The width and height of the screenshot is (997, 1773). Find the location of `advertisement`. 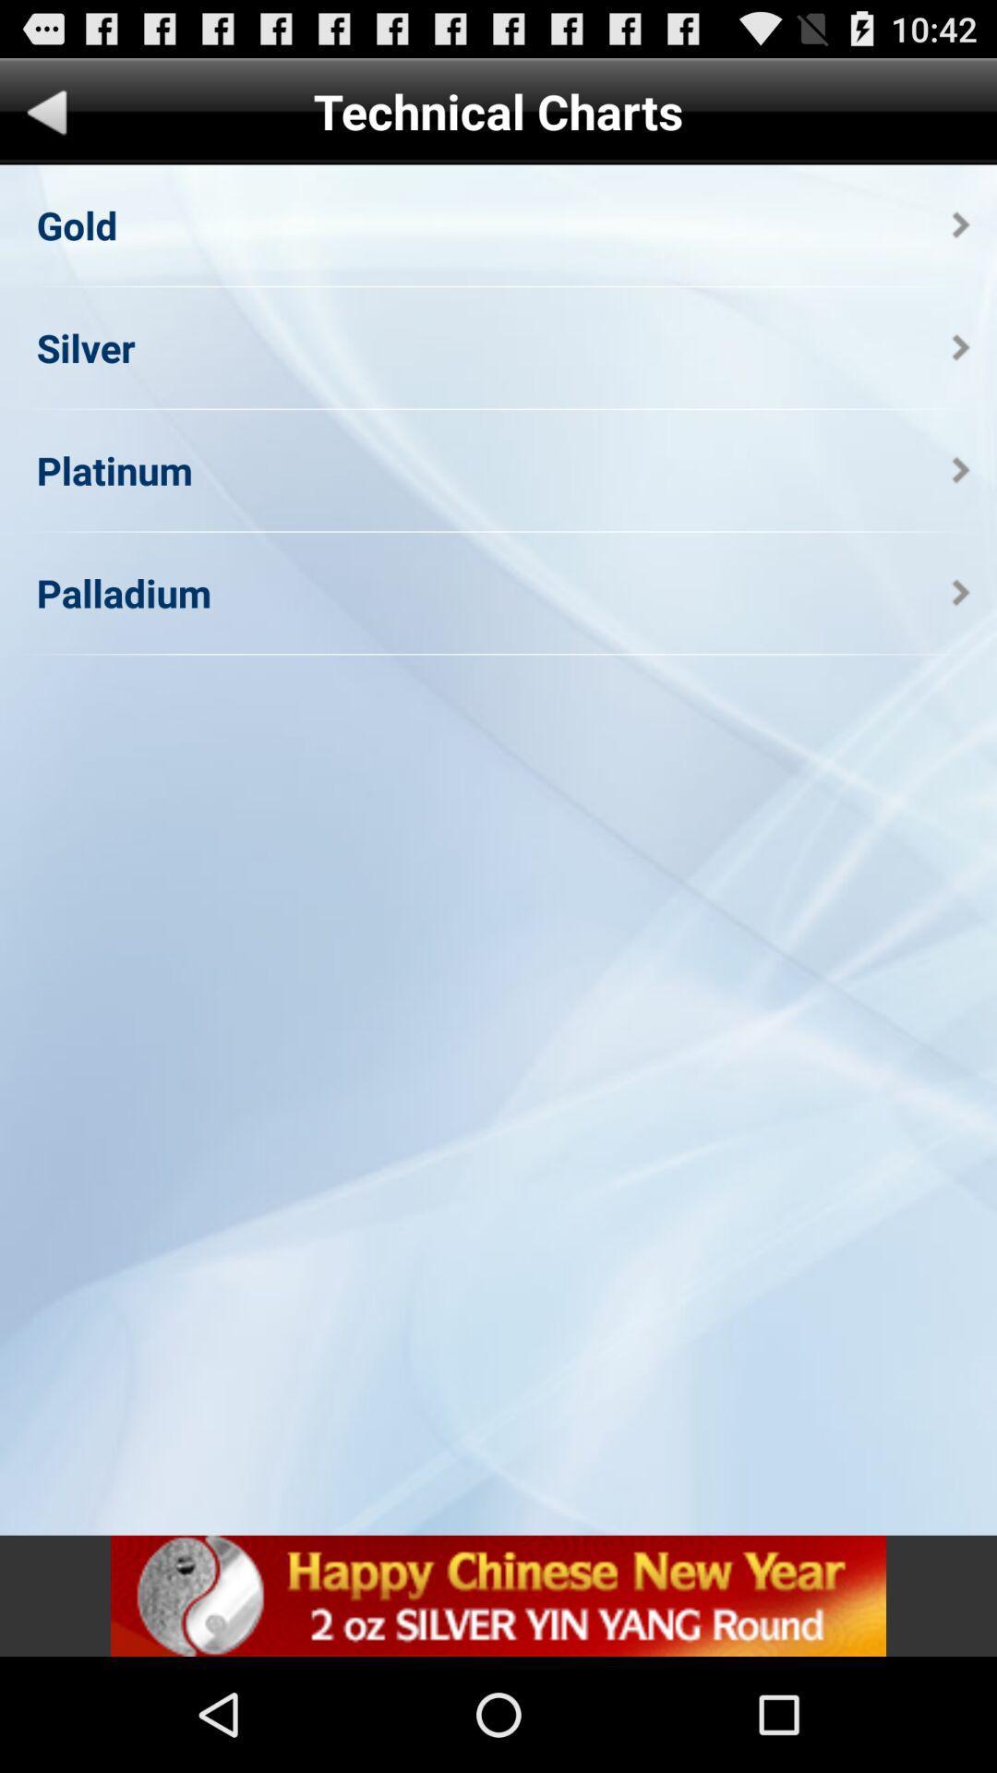

advertisement is located at coordinates (498, 1595).